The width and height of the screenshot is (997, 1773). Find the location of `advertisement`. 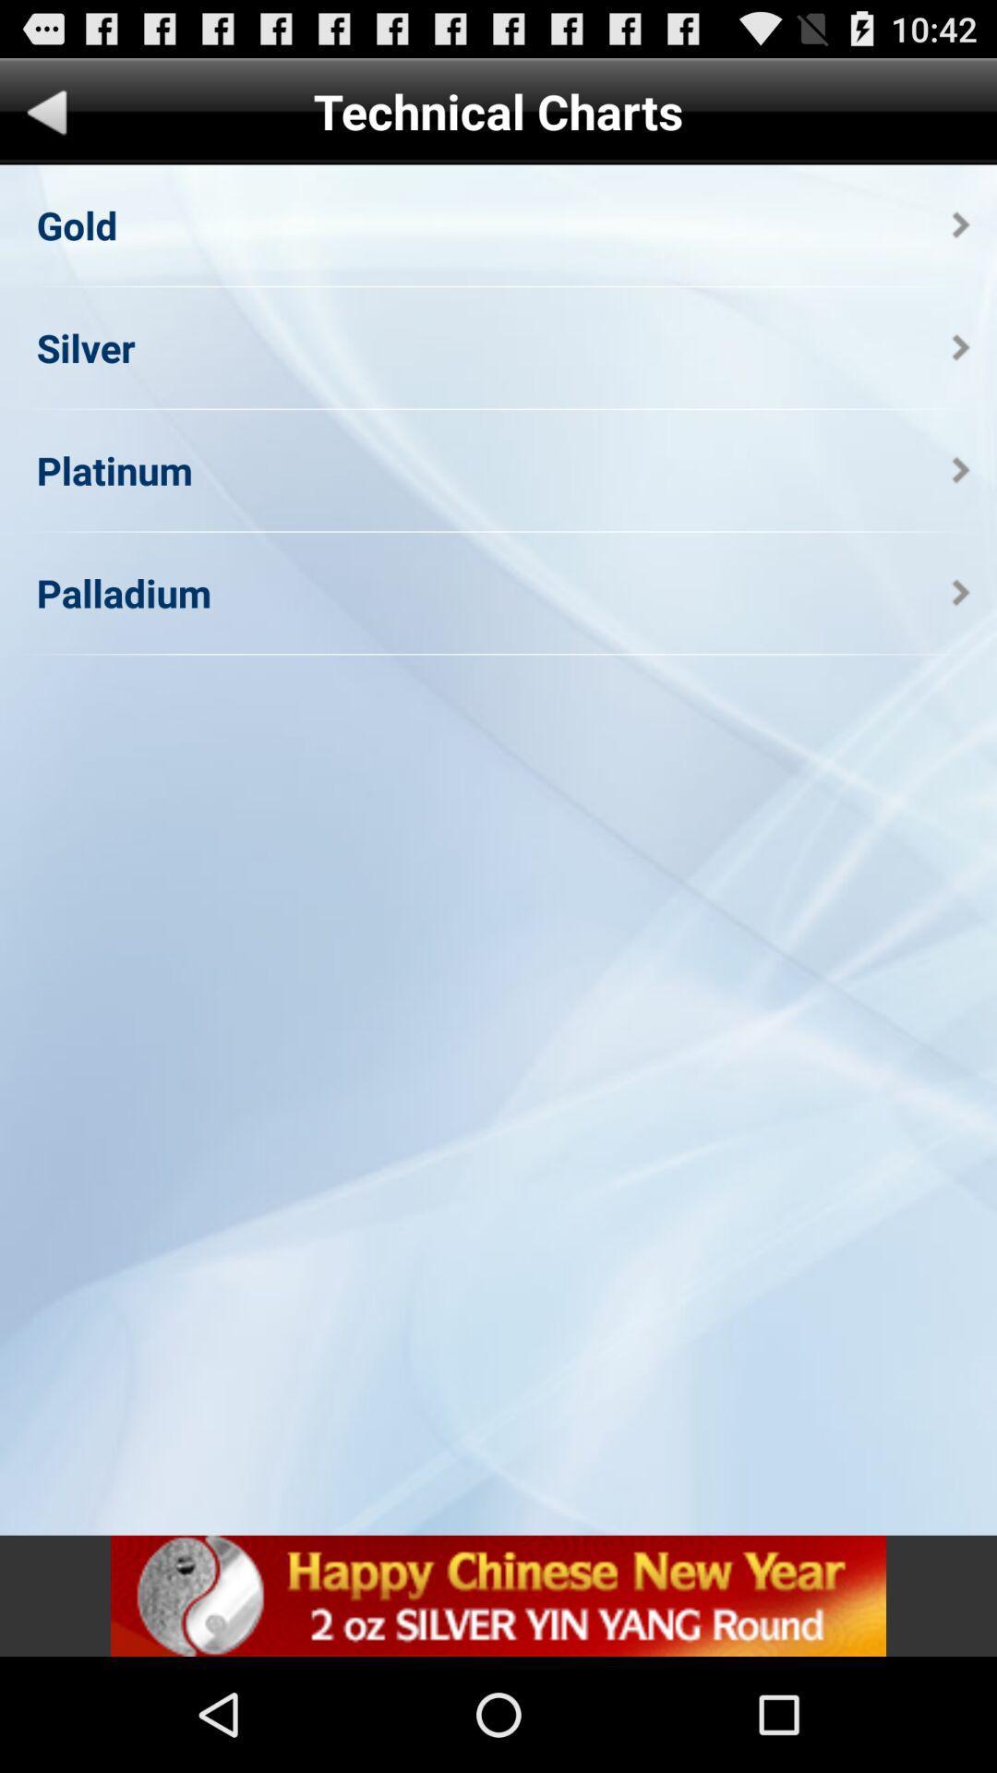

advertisement is located at coordinates (498, 1595).